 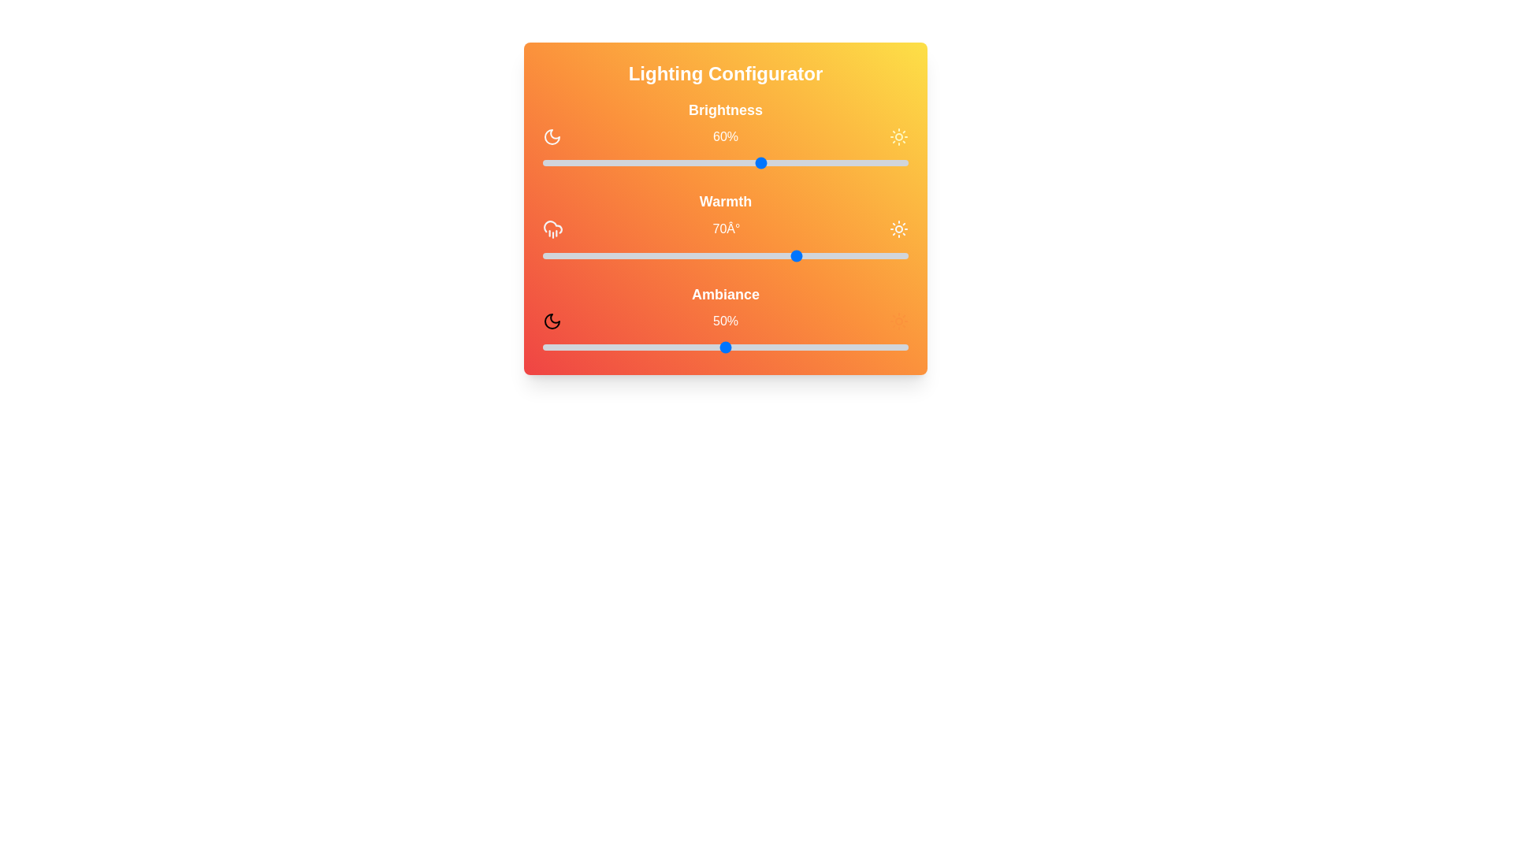 I want to click on the ambiance slider to 10%, so click(x=578, y=346).